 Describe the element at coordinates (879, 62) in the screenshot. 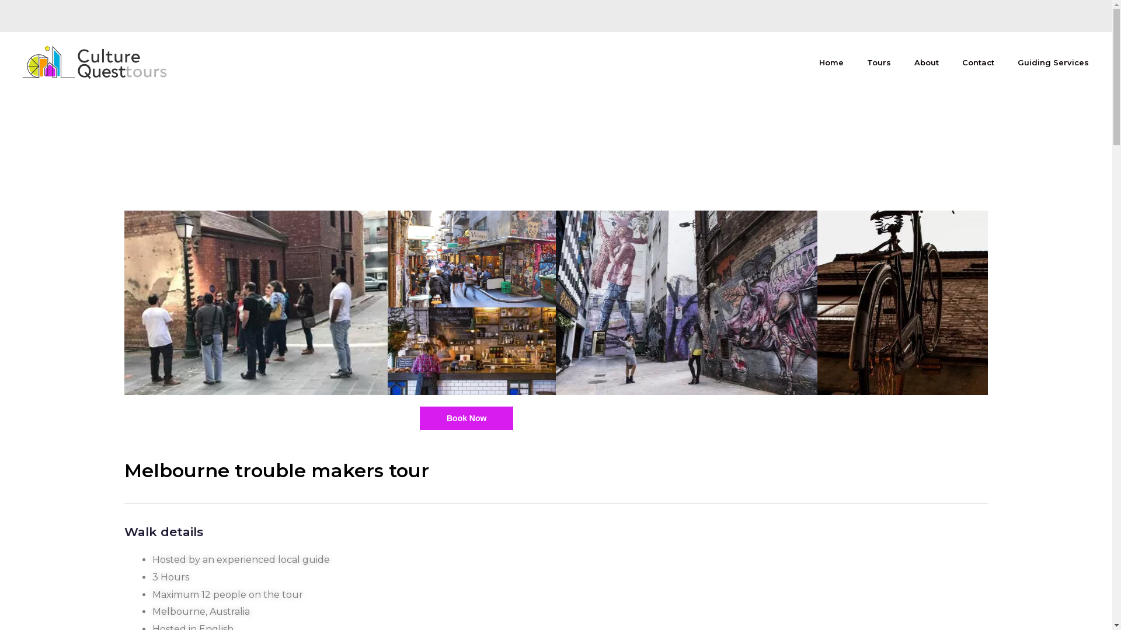

I see `'Tours'` at that location.